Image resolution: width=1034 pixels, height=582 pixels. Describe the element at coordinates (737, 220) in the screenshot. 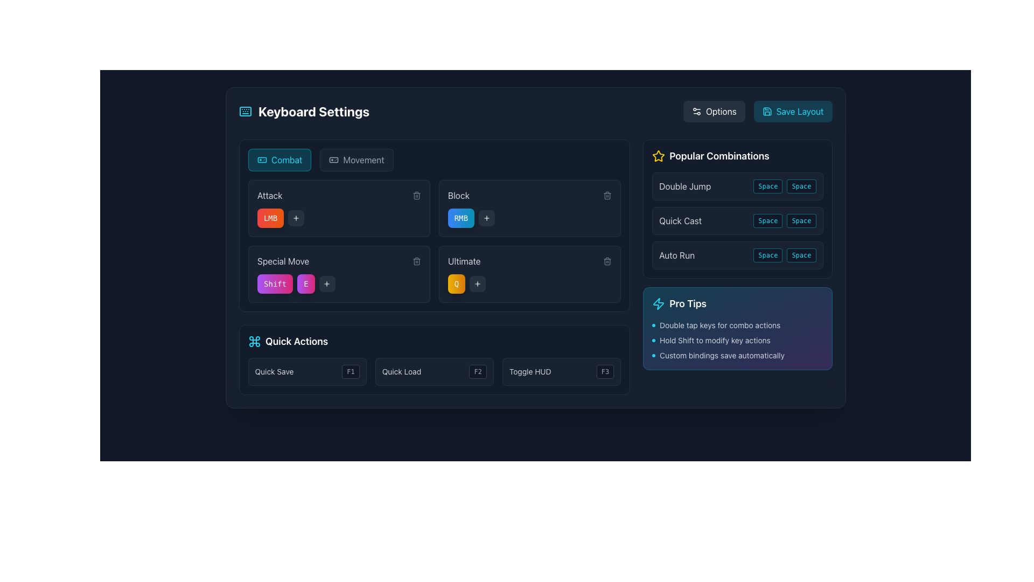

I see `the second item in the 'Popular Combinations' panel, which indicates the keyboard shortcut for 'Quick Cast' using two consecutive presses of the 'Space' key` at that location.